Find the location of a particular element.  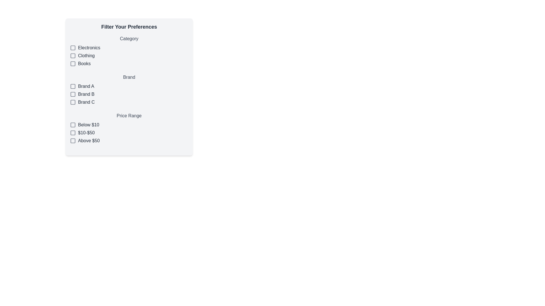

the text label displaying 'Brand A', which is styled in gray and located in the central part of the filter section under the 'Brand' category, positioned next to the first checkbox is located at coordinates (86, 86).